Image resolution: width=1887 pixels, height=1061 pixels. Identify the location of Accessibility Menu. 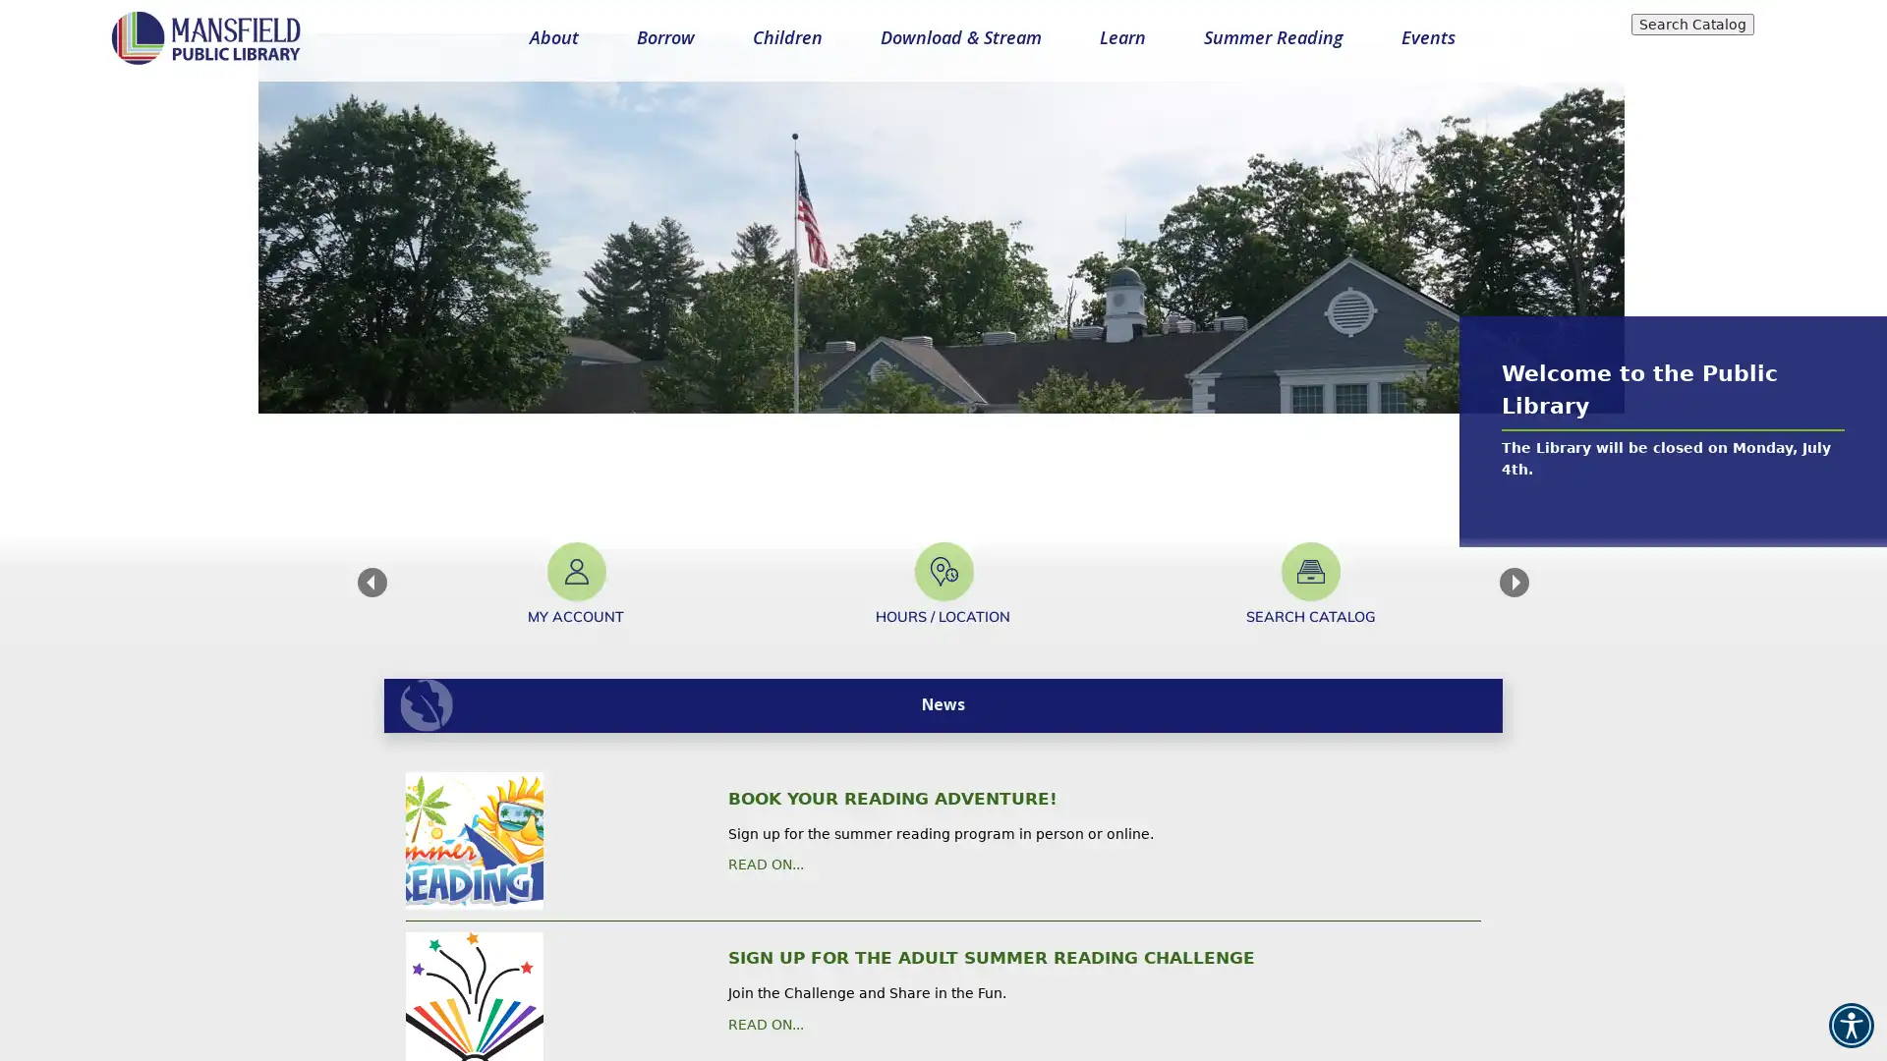
(1850, 1025).